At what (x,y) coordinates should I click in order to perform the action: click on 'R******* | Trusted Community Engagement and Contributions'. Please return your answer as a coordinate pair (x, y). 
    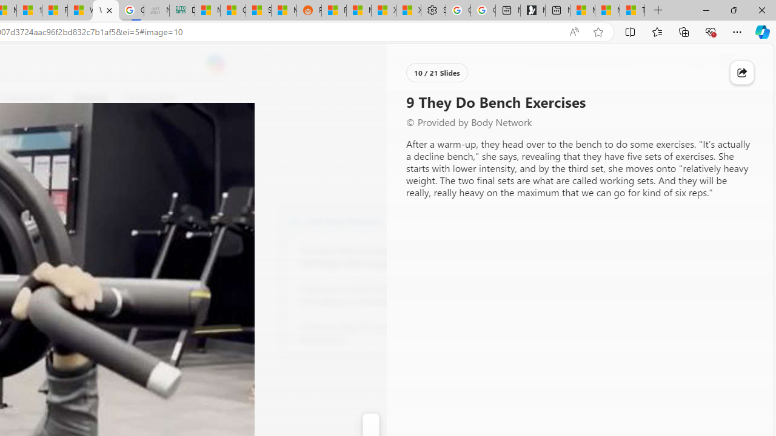
    Looking at the image, I should click on (334, 10).